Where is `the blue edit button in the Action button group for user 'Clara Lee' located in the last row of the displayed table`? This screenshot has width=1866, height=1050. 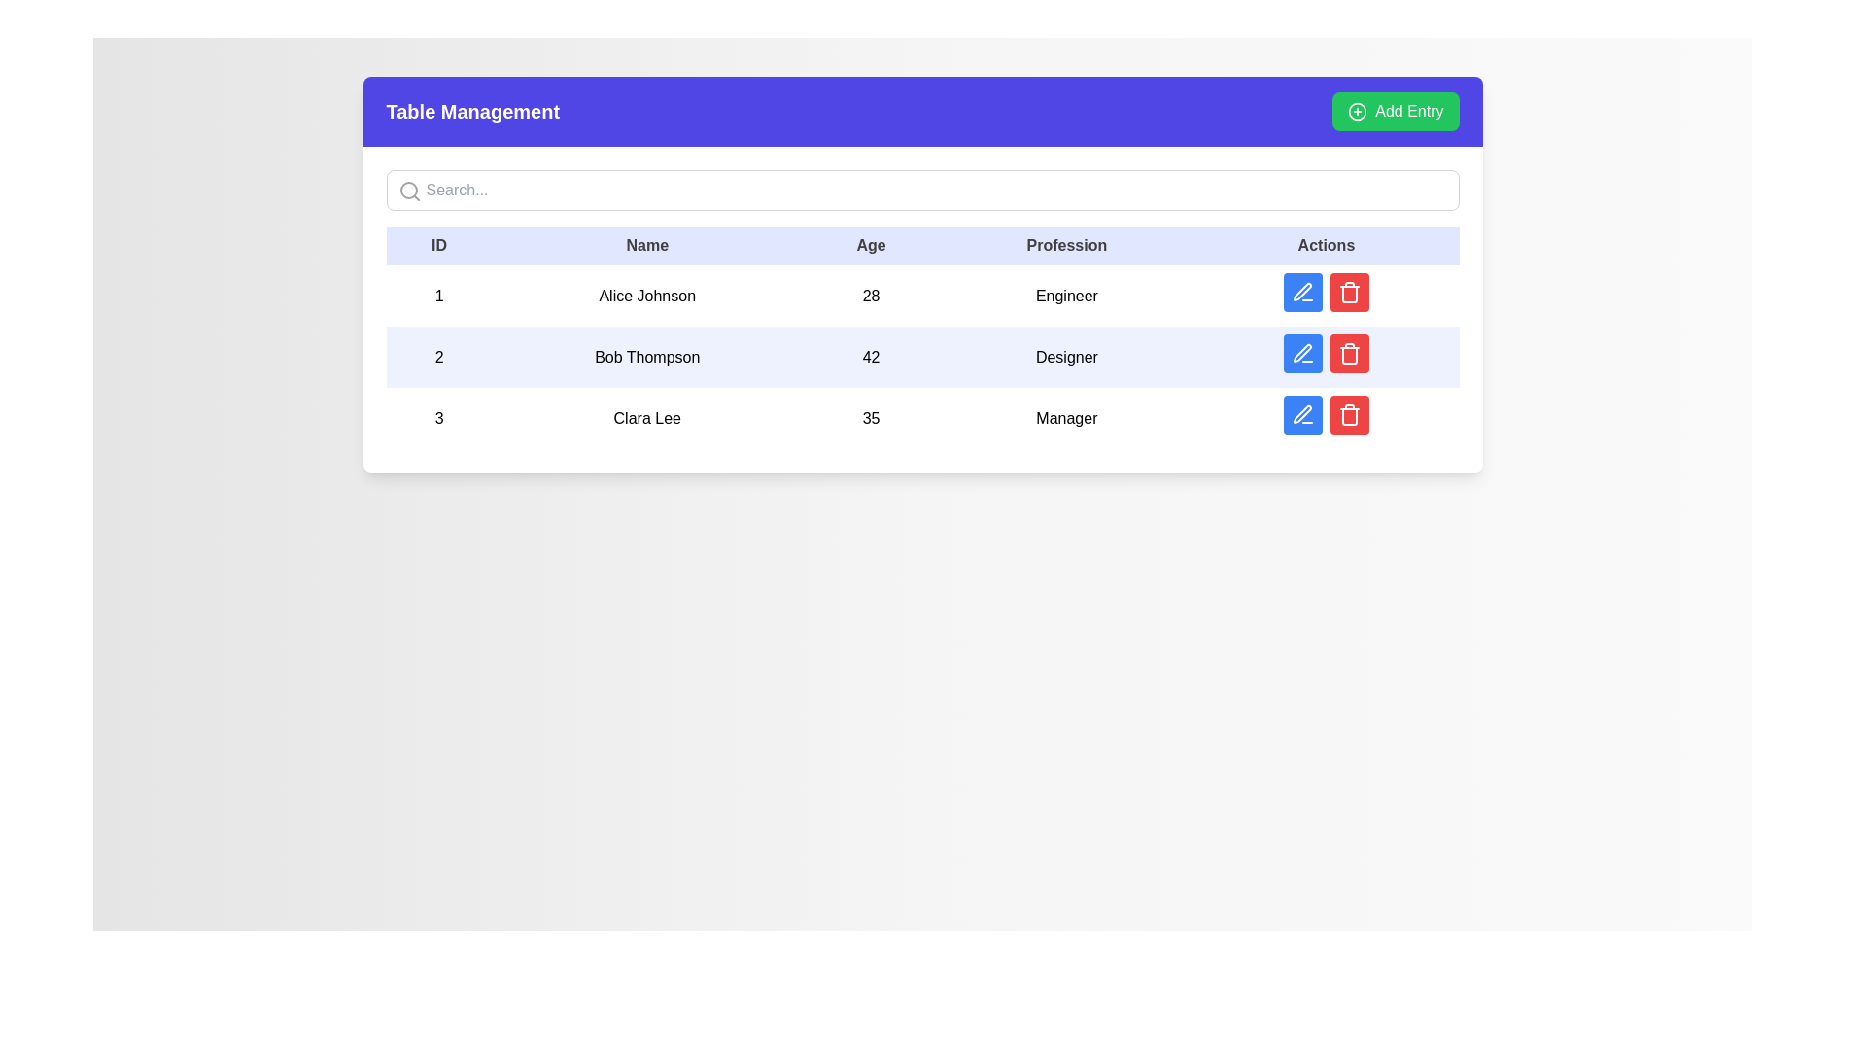 the blue edit button in the Action button group for user 'Clara Lee' located in the last row of the displayed table is located at coordinates (1325, 414).